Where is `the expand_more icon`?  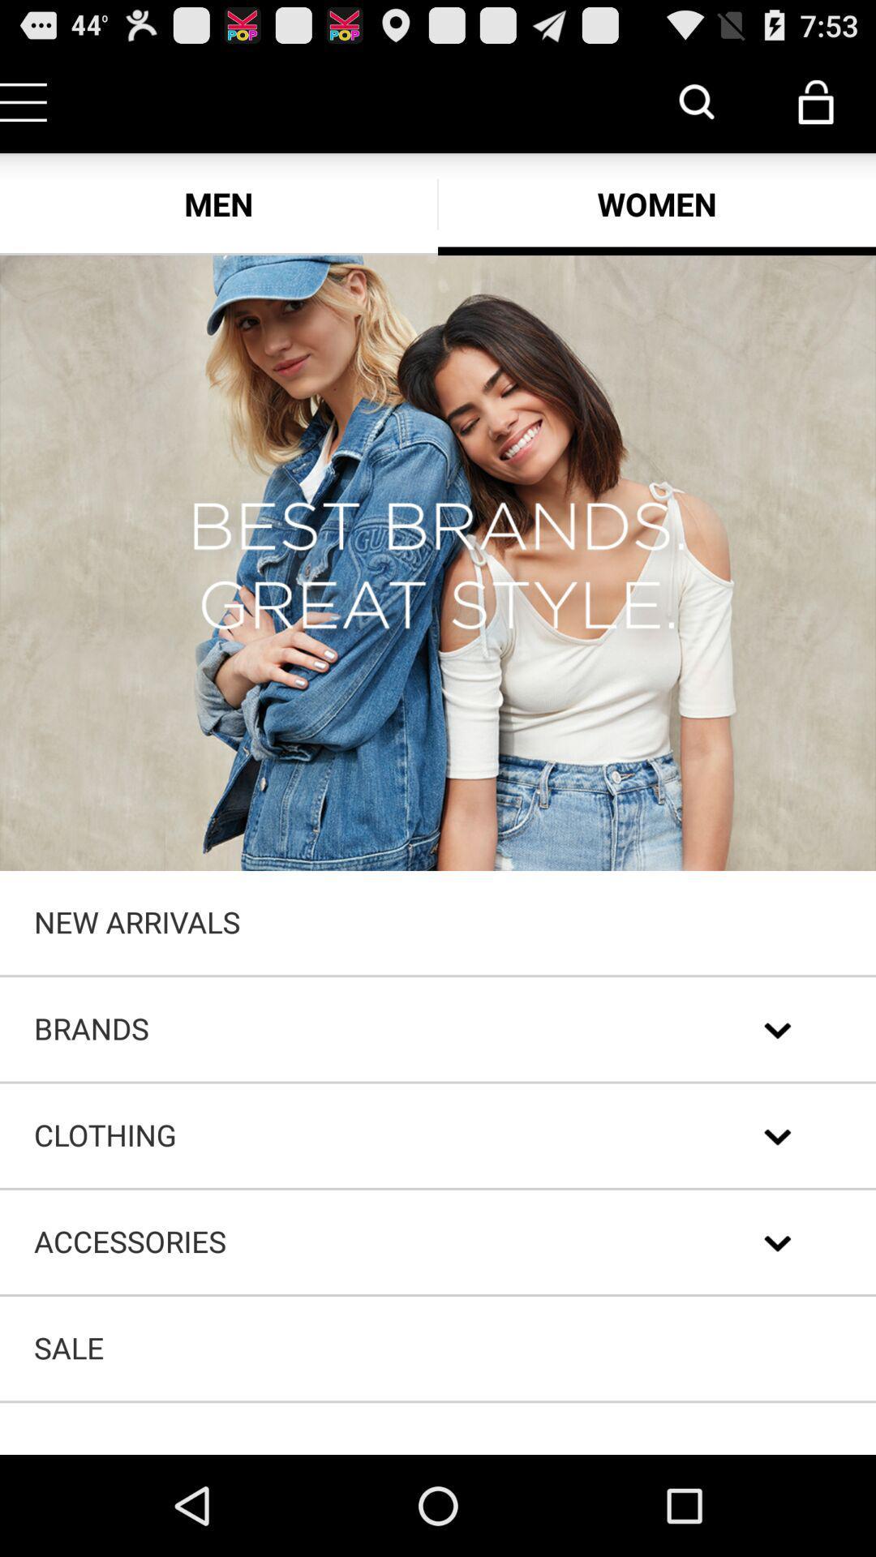 the expand_more icon is located at coordinates (777, 1103).